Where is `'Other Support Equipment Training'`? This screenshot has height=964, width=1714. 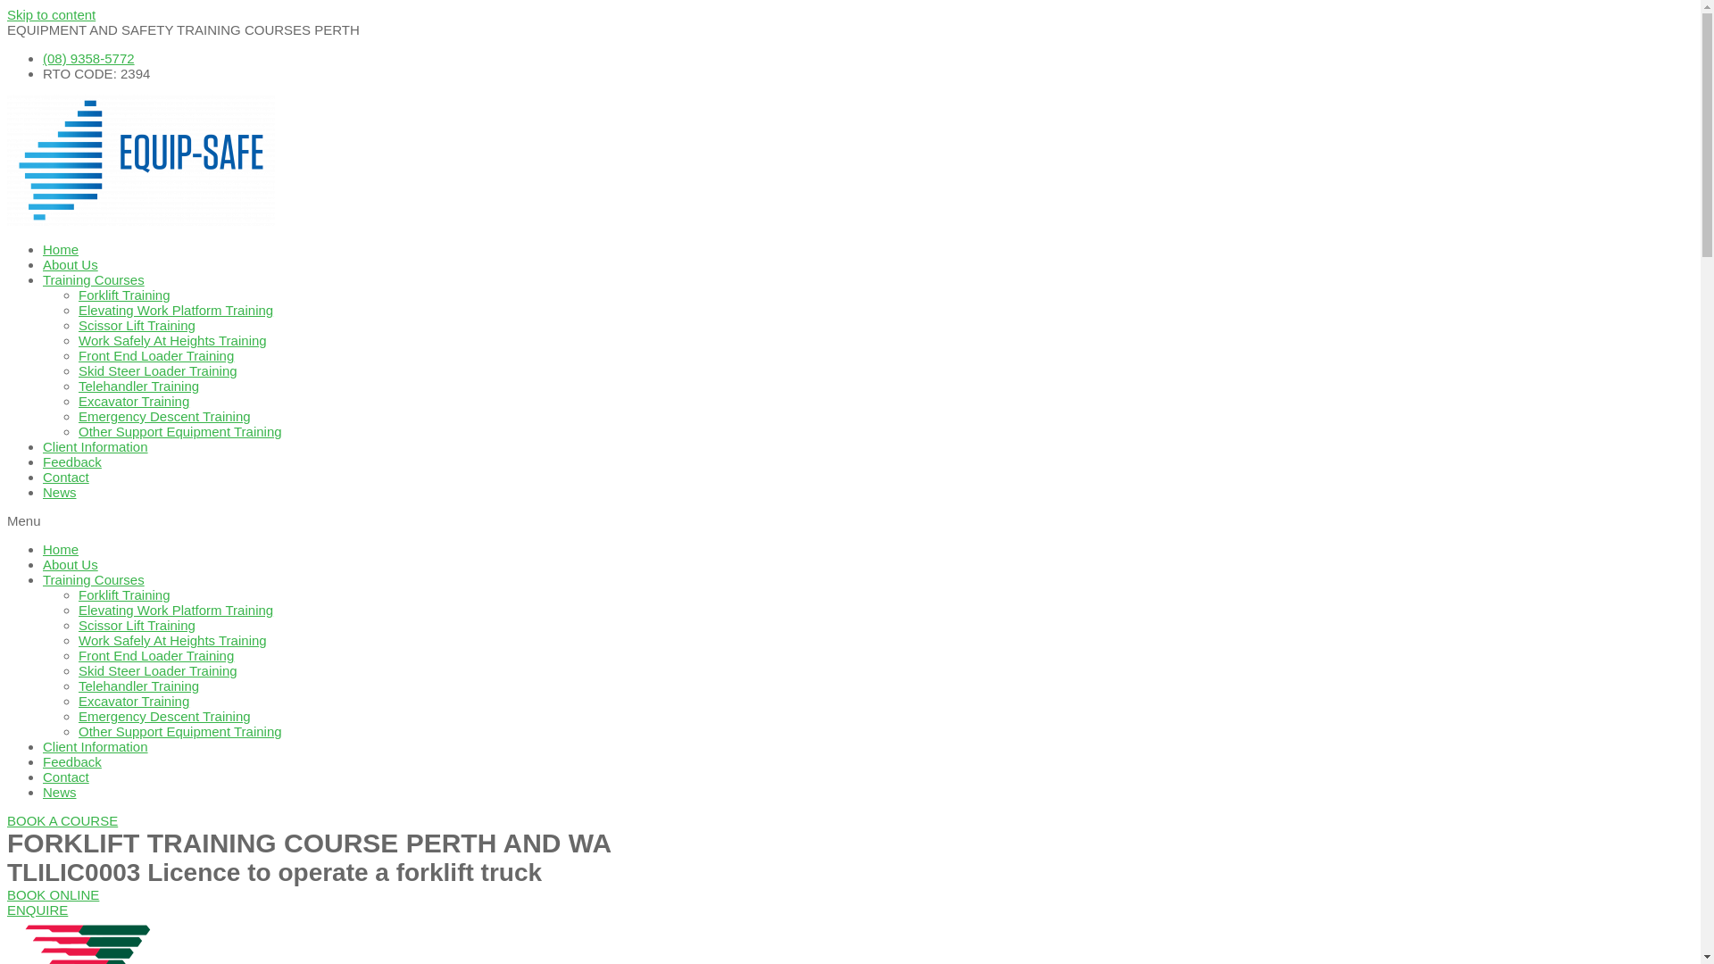 'Other Support Equipment Training' is located at coordinates (179, 731).